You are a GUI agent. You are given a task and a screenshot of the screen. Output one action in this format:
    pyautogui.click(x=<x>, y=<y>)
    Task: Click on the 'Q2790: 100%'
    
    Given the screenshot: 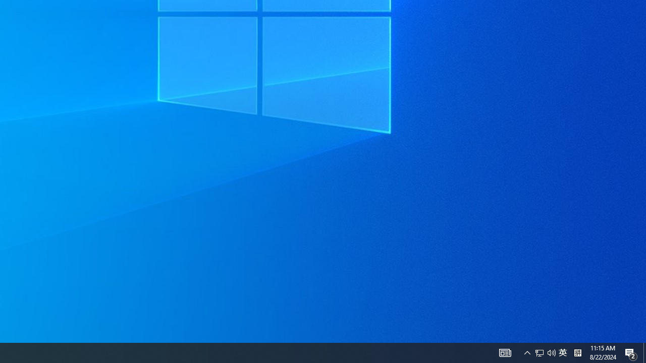 What is the action you would take?
    pyautogui.click(x=551, y=352)
    